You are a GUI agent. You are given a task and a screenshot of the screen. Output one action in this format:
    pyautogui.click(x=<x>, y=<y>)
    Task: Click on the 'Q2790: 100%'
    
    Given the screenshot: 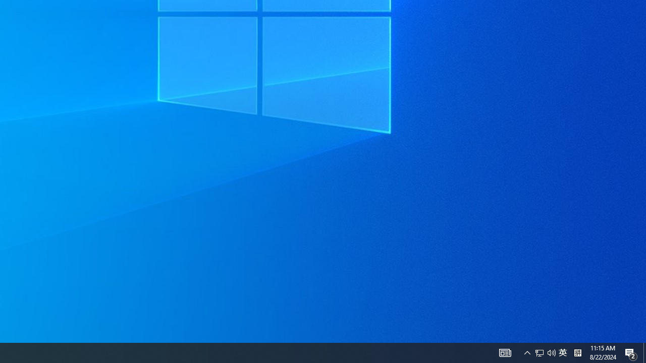 What is the action you would take?
    pyautogui.click(x=551, y=352)
    